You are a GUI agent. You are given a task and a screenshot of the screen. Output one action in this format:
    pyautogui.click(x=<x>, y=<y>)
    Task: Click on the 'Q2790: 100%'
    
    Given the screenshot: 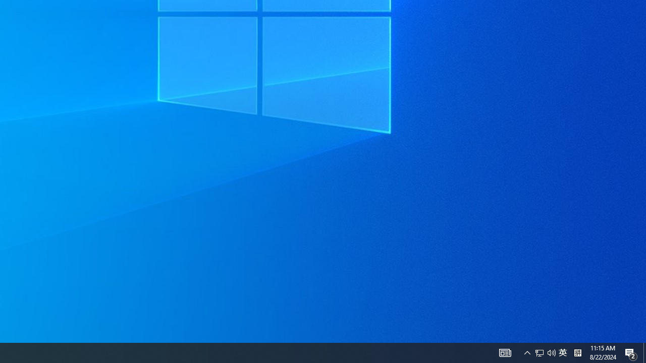 What is the action you would take?
    pyautogui.click(x=551, y=352)
    